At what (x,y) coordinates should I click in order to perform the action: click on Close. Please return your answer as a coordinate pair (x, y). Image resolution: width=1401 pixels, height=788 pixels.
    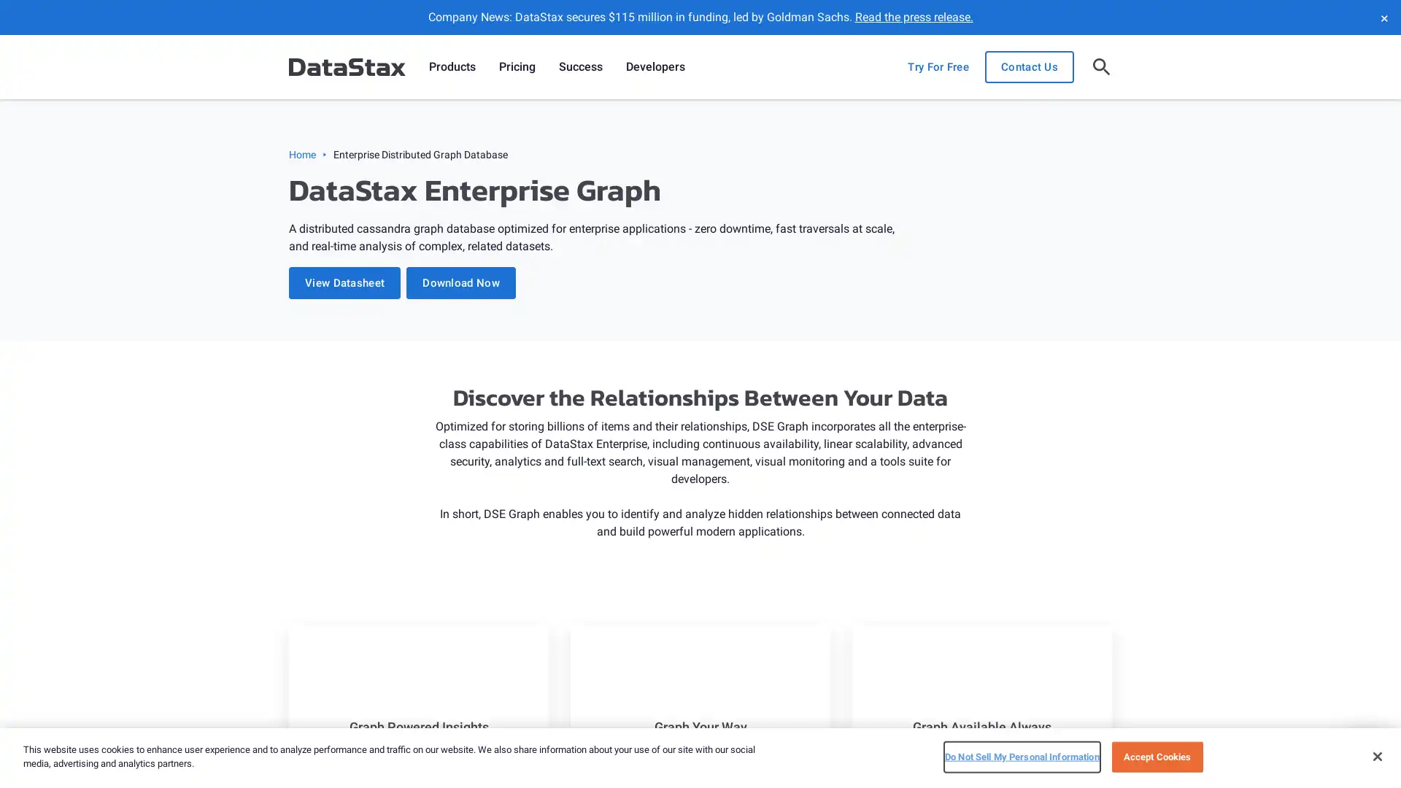
    Looking at the image, I should click on (1376, 755).